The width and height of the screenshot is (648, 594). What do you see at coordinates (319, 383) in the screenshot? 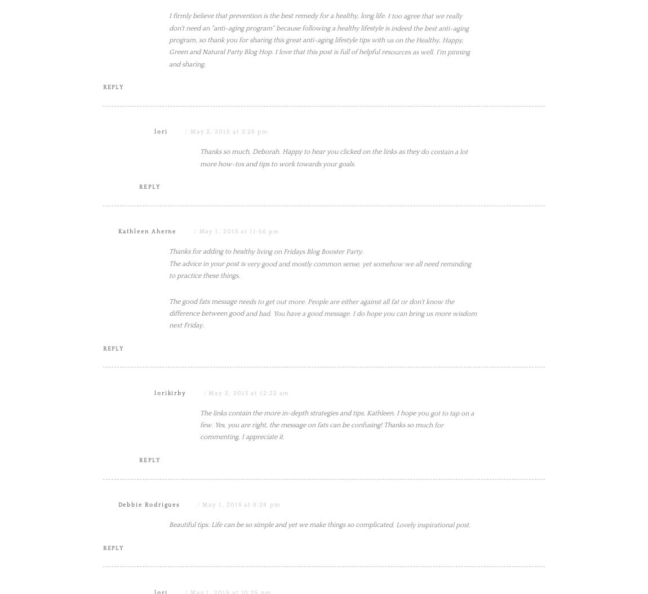
I see `'The advice in your post is very good and mostly common sense, yet somehow we all need reminding to practice these things.'` at bounding box center [319, 383].